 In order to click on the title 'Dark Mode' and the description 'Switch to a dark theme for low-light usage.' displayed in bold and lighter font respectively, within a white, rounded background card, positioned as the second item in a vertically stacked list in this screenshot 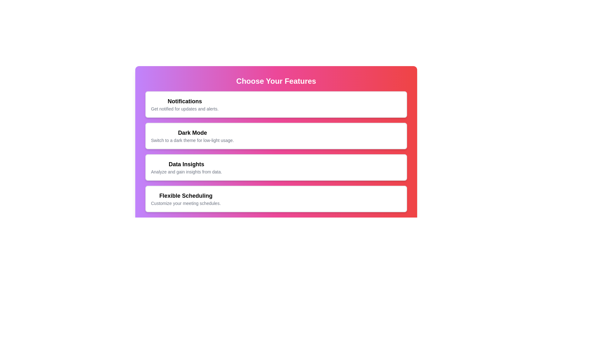, I will do `click(192, 136)`.